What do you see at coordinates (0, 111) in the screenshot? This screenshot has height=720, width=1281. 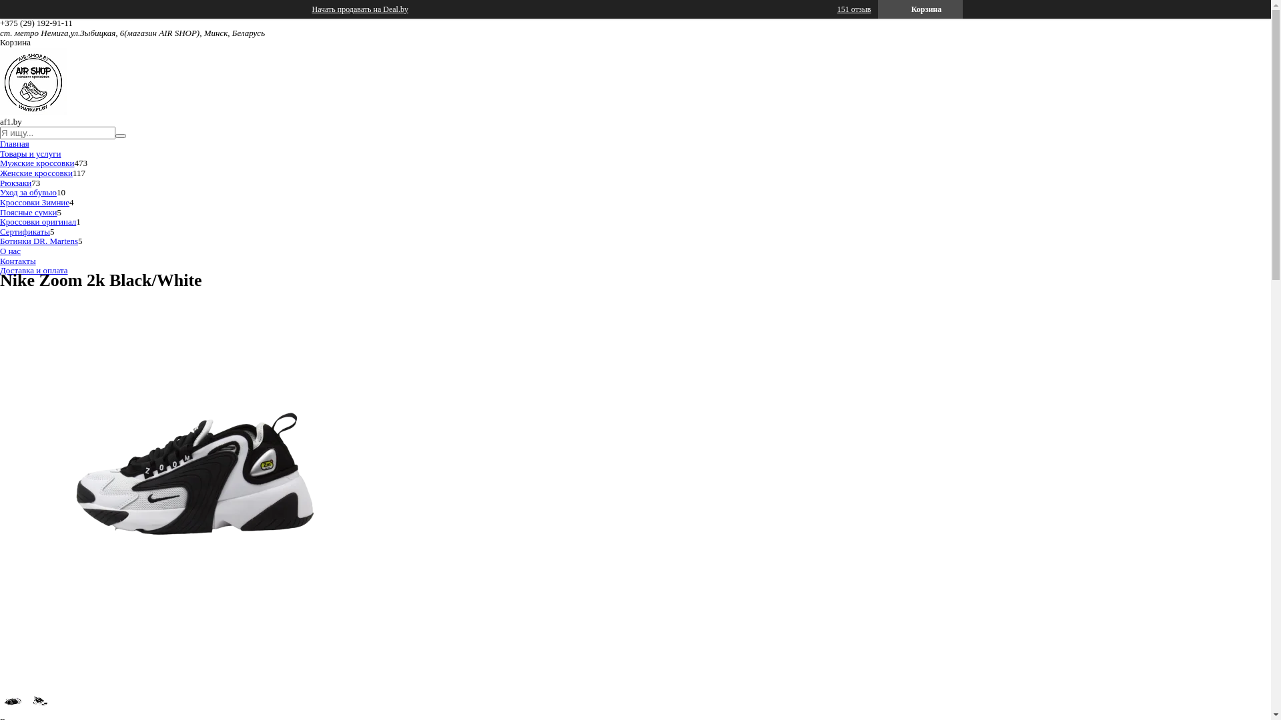 I see `'af1.by'` at bounding box center [0, 111].